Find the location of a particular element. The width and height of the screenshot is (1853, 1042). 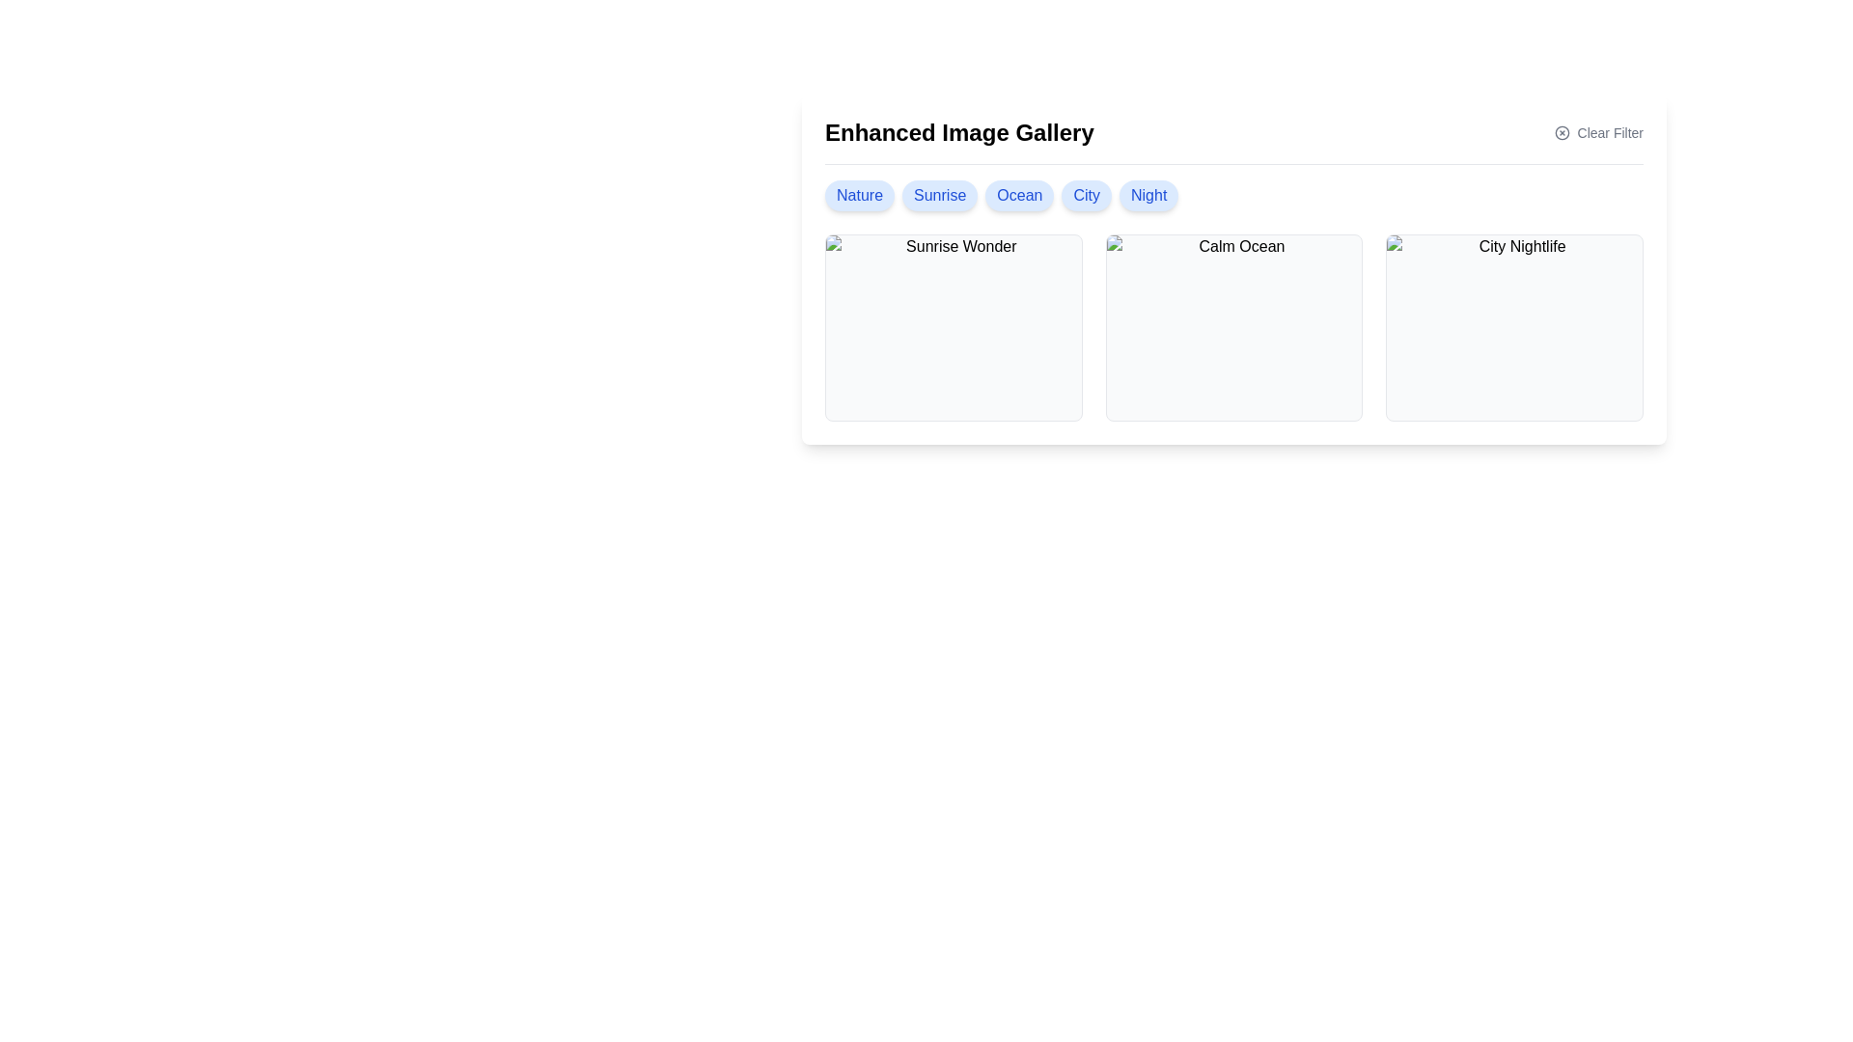

the 'Calm Ocean' image element in the gallery, which visually attracts users browsing items with this title and tags is located at coordinates (1232, 326).